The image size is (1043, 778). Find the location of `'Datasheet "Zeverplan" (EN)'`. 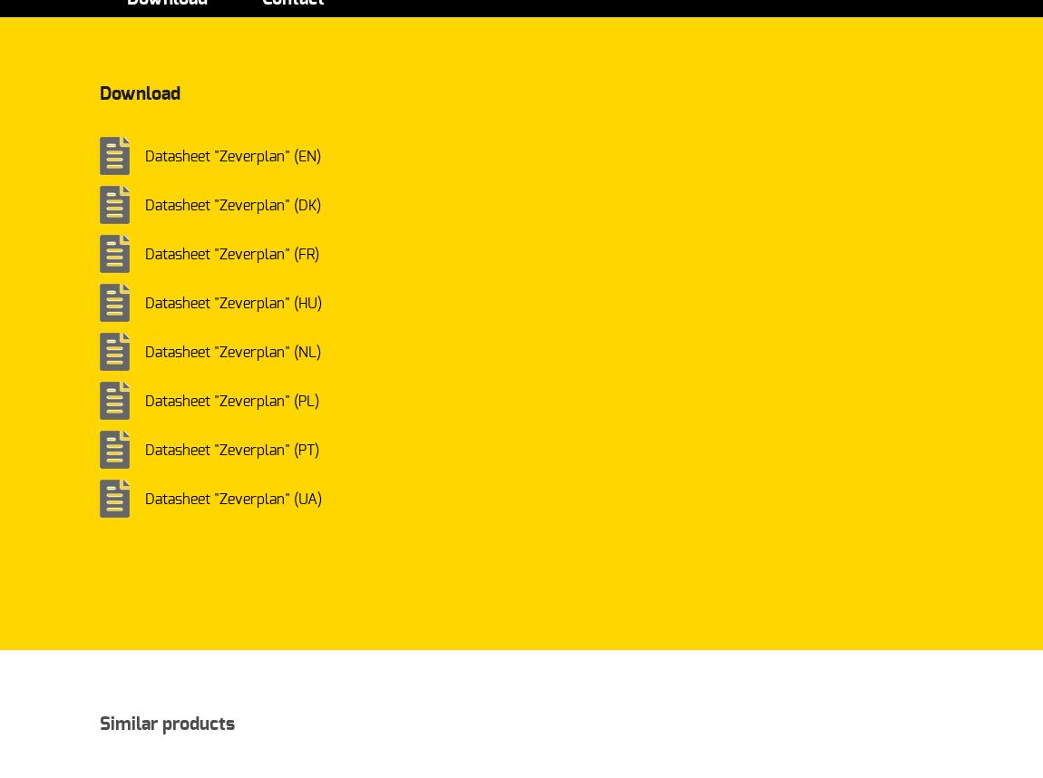

'Datasheet "Zeverplan" (EN)' is located at coordinates (232, 156).